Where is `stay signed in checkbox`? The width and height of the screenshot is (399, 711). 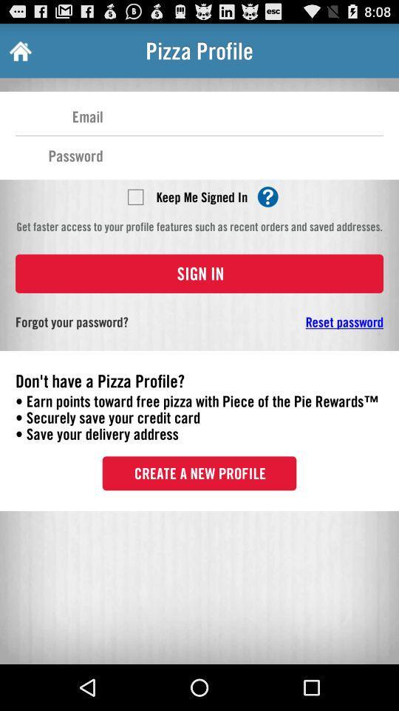
stay signed in checkbox is located at coordinates (135, 196).